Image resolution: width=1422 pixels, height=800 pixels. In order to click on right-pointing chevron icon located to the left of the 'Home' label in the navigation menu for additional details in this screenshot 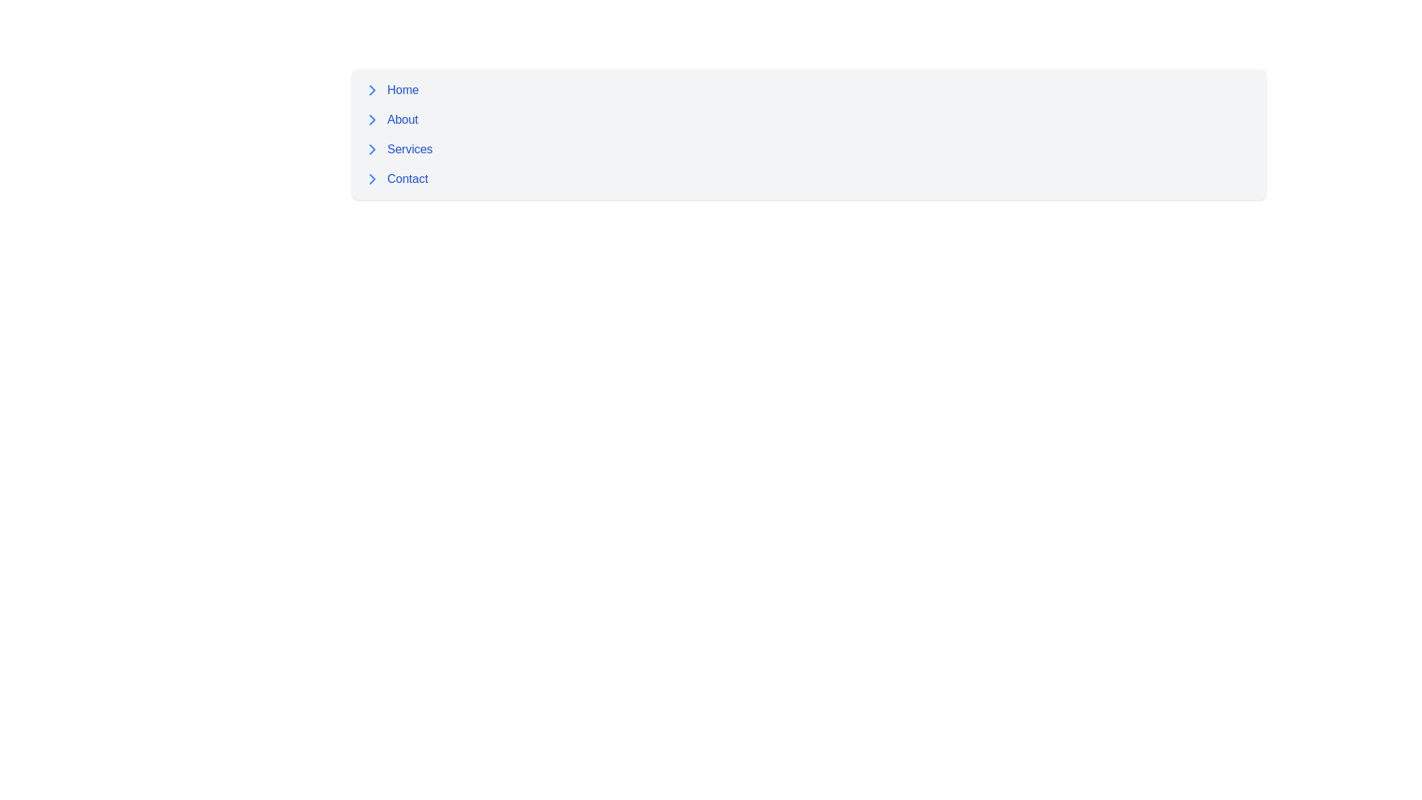, I will do `click(373, 90)`.